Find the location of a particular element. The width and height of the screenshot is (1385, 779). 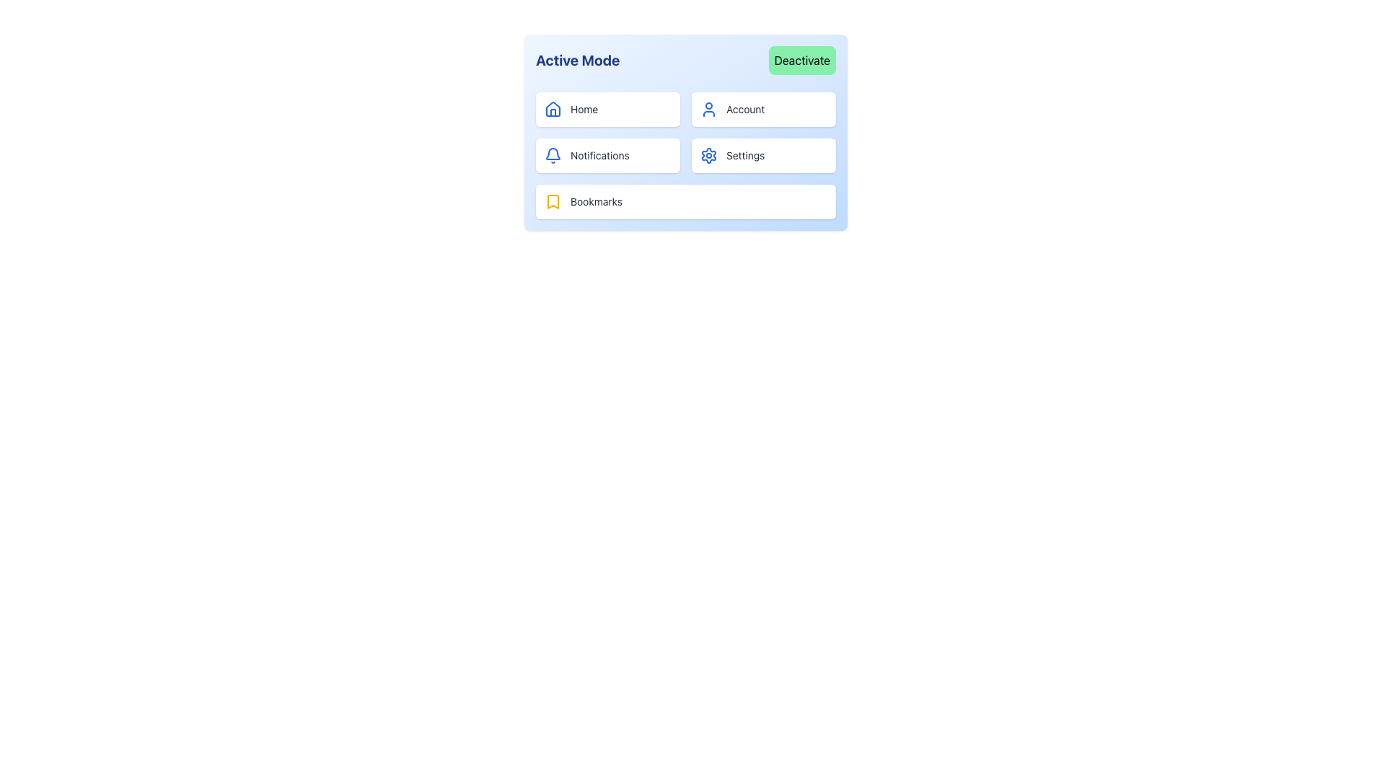

the bell-shaped notification icon located at the upper left corner of the 'Notifications' panel to potentially open the notification panel or display recent alerts is located at coordinates (553, 156).